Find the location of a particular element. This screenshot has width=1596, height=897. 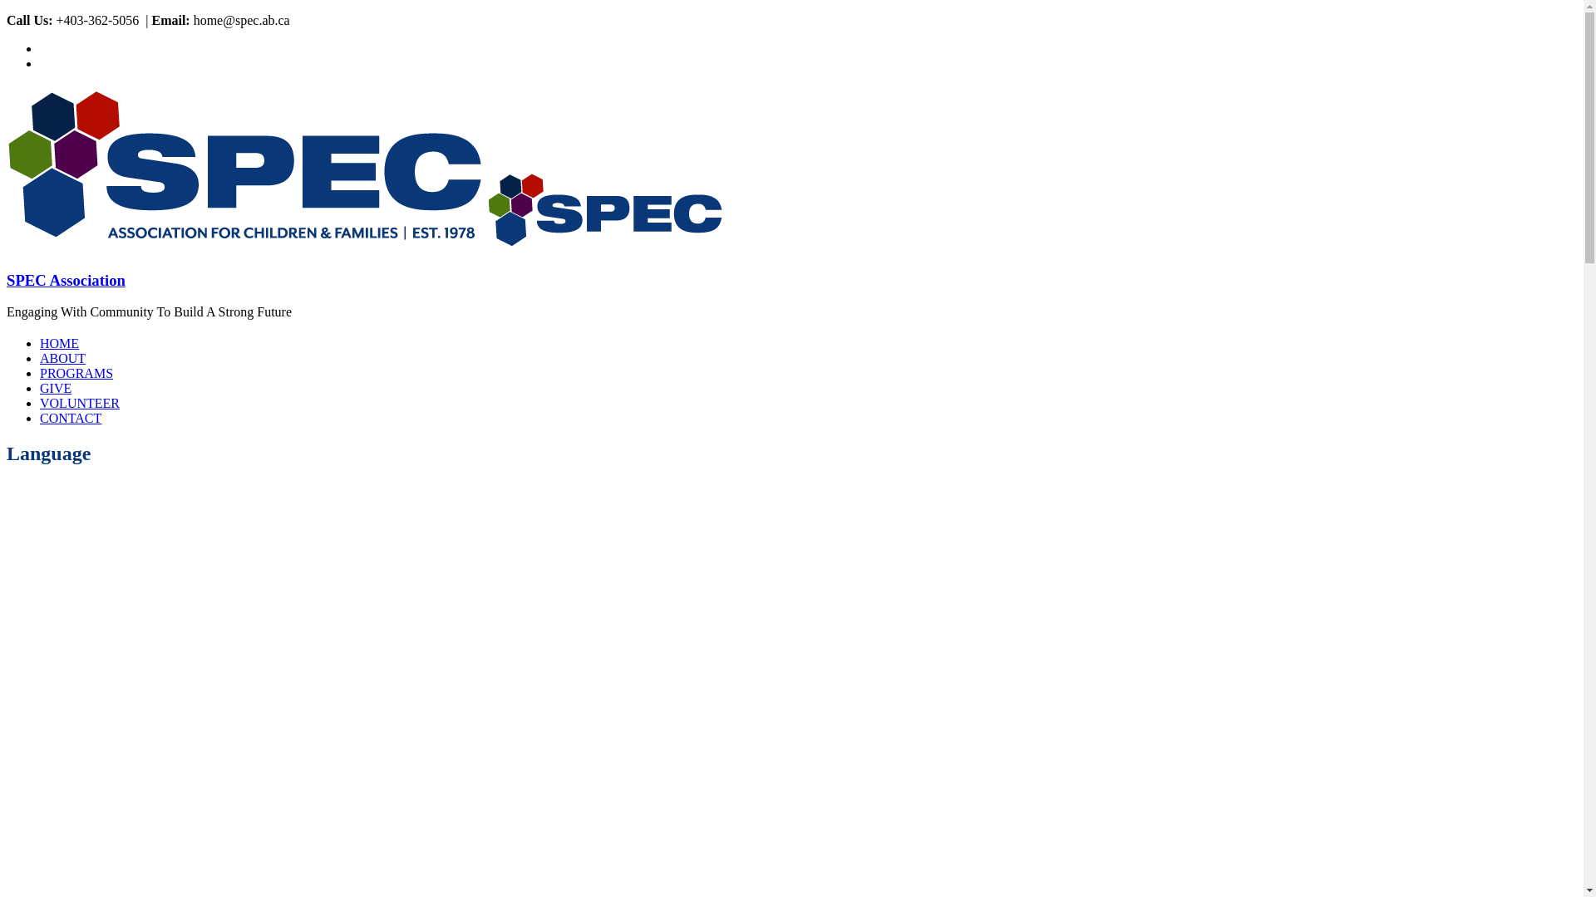

'SPEC Association' is located at coordinates (245, 248).